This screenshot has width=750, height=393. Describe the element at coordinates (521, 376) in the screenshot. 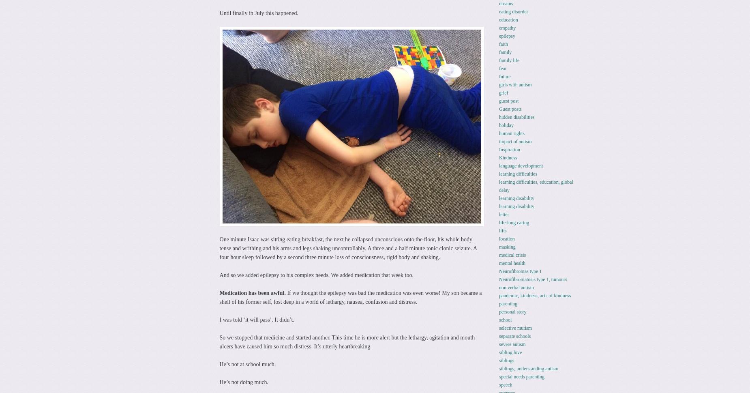

I see `'special needs parenting'` at that location.